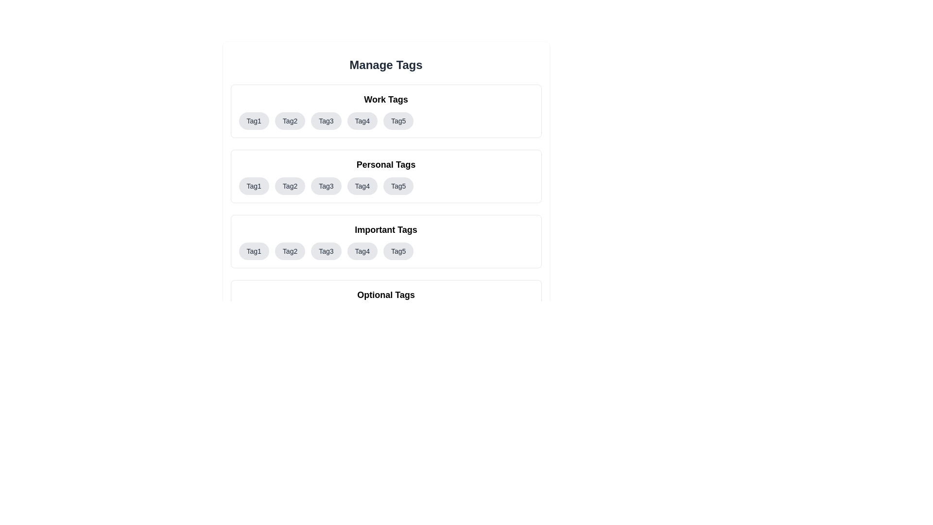  I want to click on the selectable button labeled 'Tag2' to observe the size increase effect, so click(290, 121).